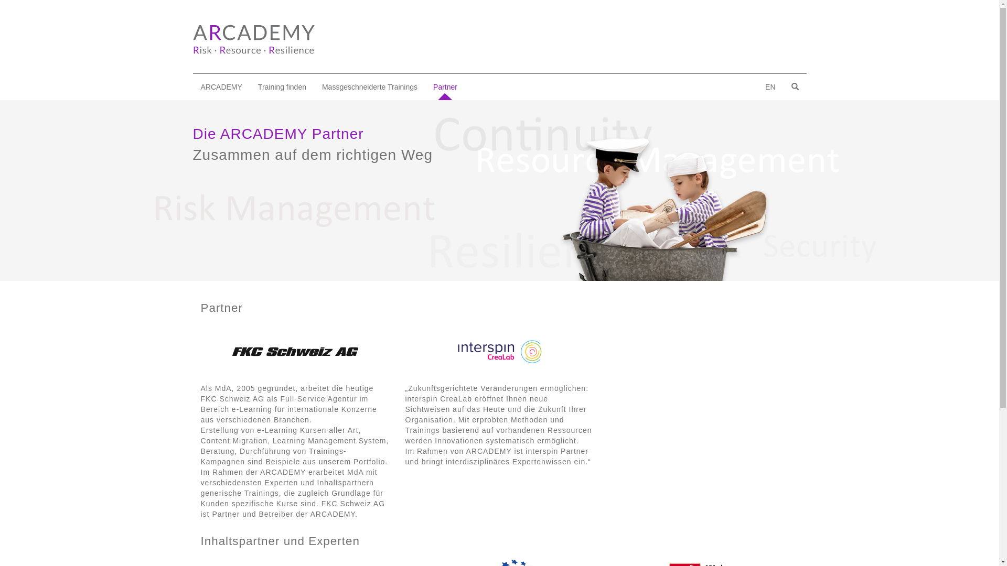 The image size is (1007, 566). What do you see at coordinates (770, 86) in the screenshot?
I see `'EN'` at bounding box center [770, 86].